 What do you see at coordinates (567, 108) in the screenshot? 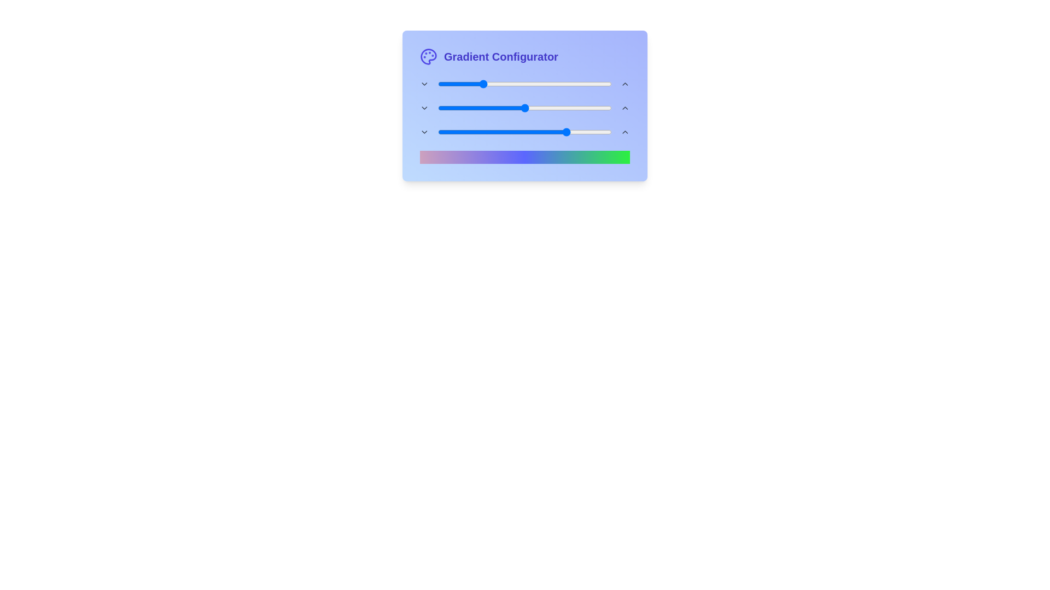
I see `the mid gradient slider to 74 percent` at bounding box center [567, 108].